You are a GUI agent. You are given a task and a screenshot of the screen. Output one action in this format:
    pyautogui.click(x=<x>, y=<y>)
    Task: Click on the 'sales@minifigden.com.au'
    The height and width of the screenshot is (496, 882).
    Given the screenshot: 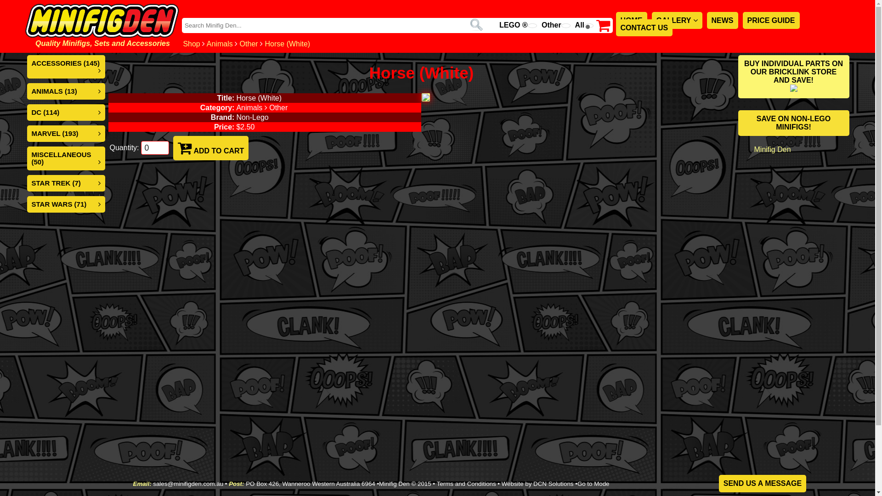 What is the action you would take?
    pyautogui.click(x=187, y=483)
    